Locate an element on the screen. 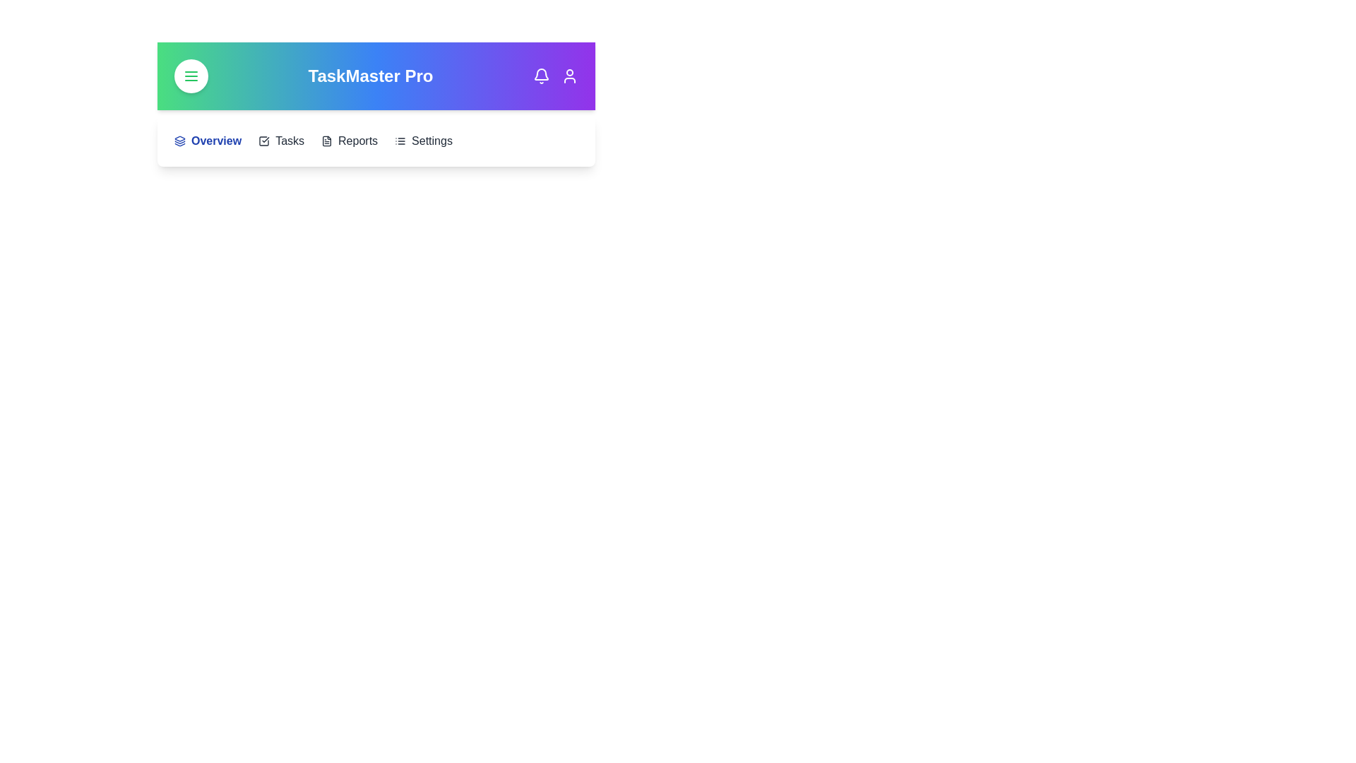  the notification icon to view notifications is located at coordinates (541, 76).